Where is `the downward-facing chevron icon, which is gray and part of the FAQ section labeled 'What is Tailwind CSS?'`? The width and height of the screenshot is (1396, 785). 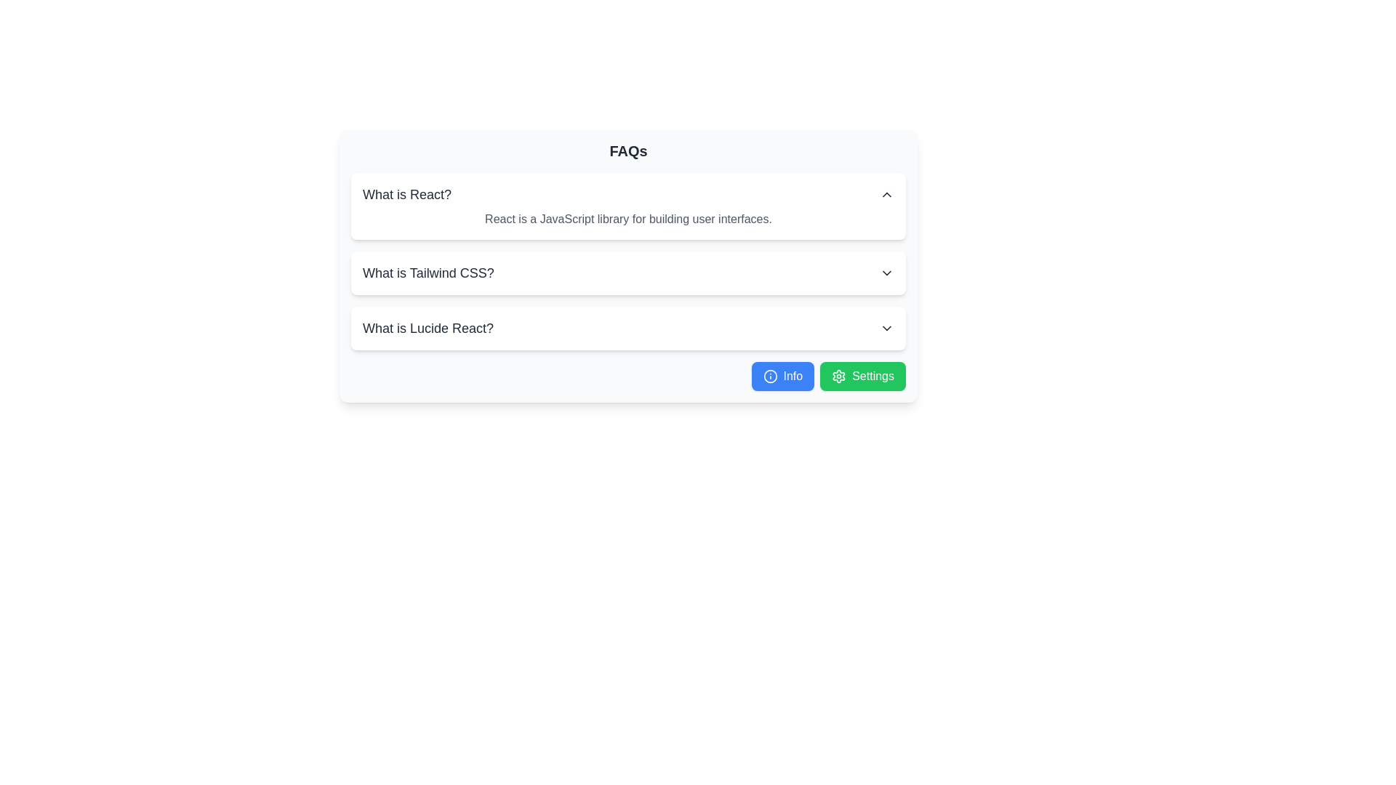 the downward-facing chevron icon, which is gray and part of the FAQ section labeled 'What is Tailwind CSS?' is located at coordinates (886, 273).